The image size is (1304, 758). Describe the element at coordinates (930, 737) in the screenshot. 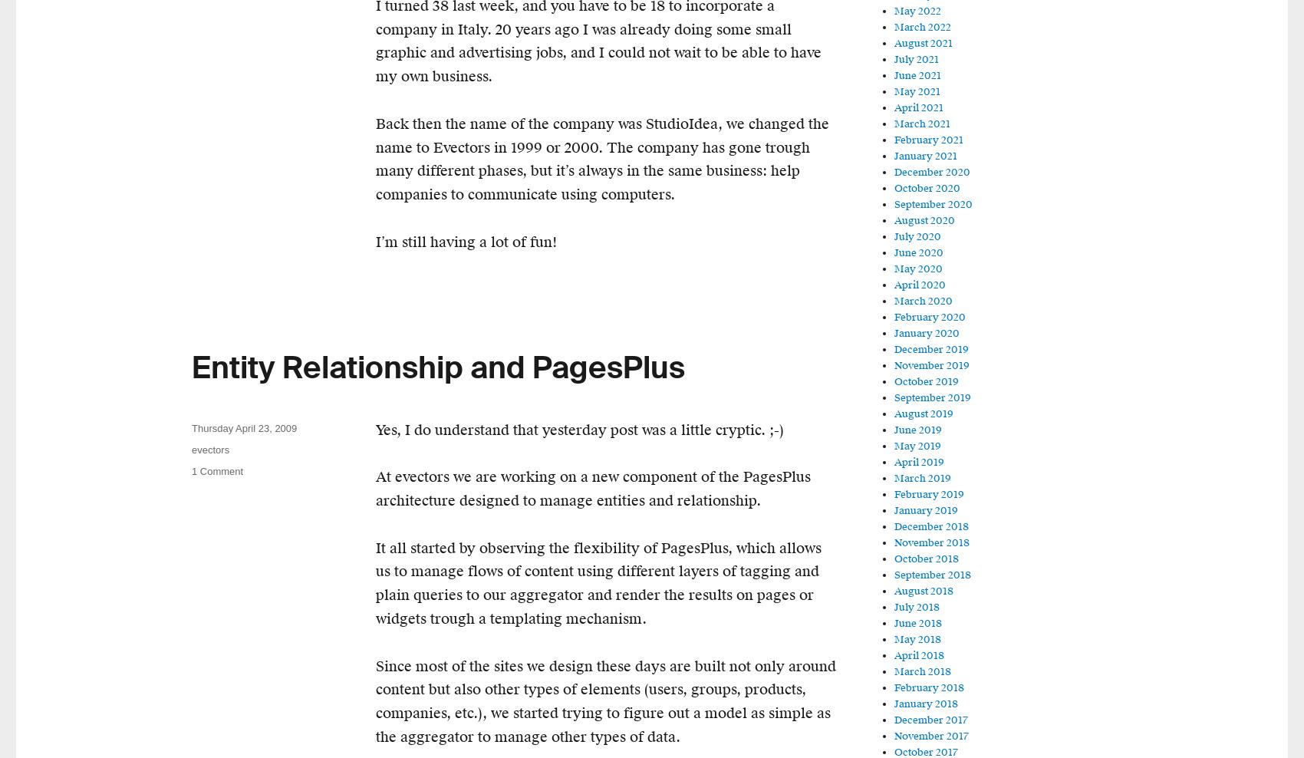

I see `'November 2017'` at that location.